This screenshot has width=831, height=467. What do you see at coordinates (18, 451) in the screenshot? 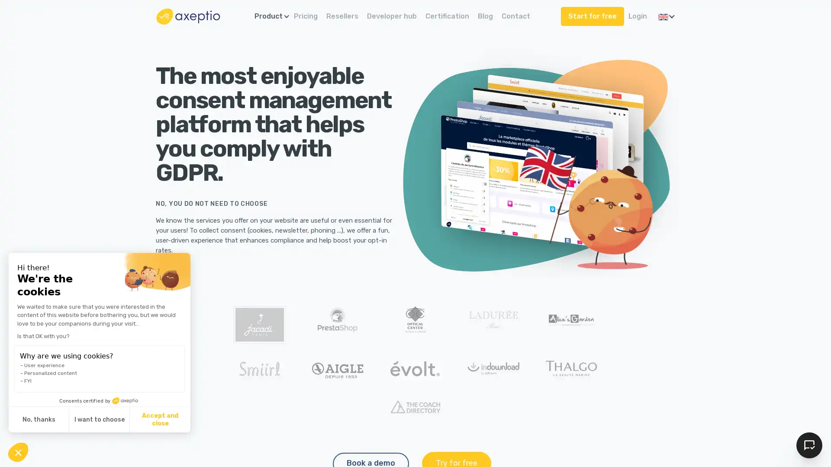
I see `Close` at bounding box center [18, 451].